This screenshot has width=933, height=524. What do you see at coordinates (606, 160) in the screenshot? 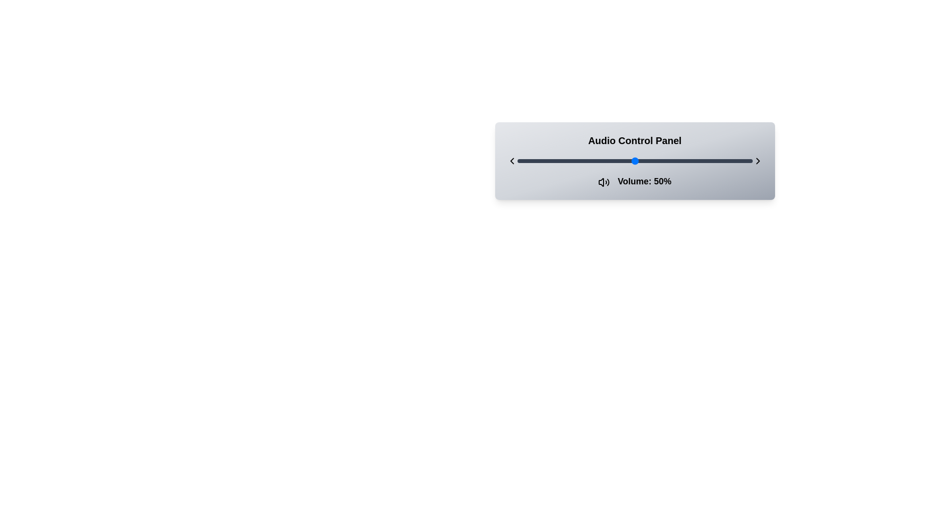
I see `the slider` at bounding box center [606, 160].